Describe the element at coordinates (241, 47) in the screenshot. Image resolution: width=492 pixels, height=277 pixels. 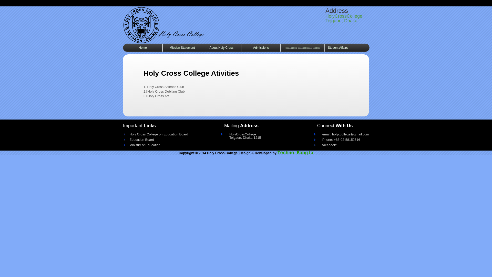
I see `'Admissions'` at that location.